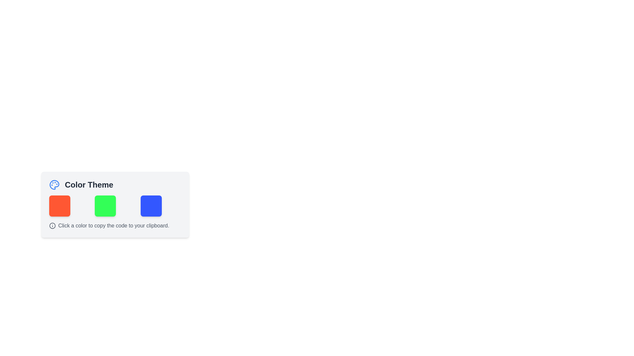  I want to click on the Decorative Icon located at the top left corner of the 'Color Theme' section, which serves as a symbol for the color theme concept, so click(54, 185).